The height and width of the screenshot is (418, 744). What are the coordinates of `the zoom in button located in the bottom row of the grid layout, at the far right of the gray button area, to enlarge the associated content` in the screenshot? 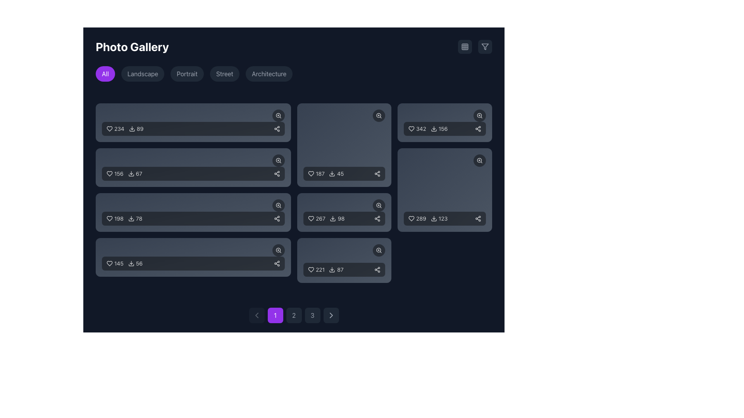 It's located at (278, 250).